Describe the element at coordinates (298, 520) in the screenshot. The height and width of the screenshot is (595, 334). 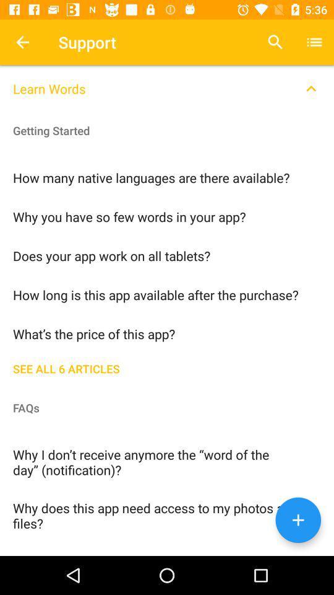
I see `the add icon` at that location.